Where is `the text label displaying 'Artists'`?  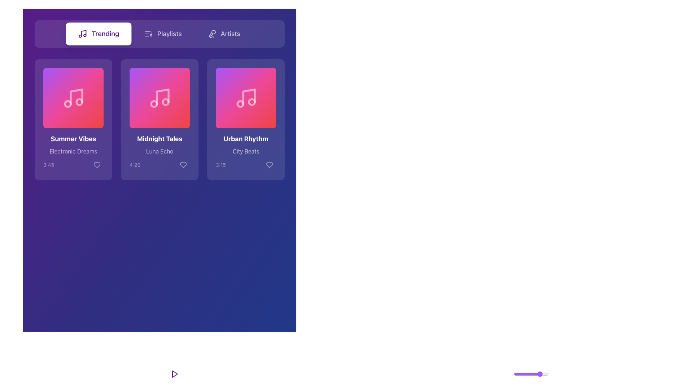
the text label displaying 'Artists' is located at coordinates (230, 34).